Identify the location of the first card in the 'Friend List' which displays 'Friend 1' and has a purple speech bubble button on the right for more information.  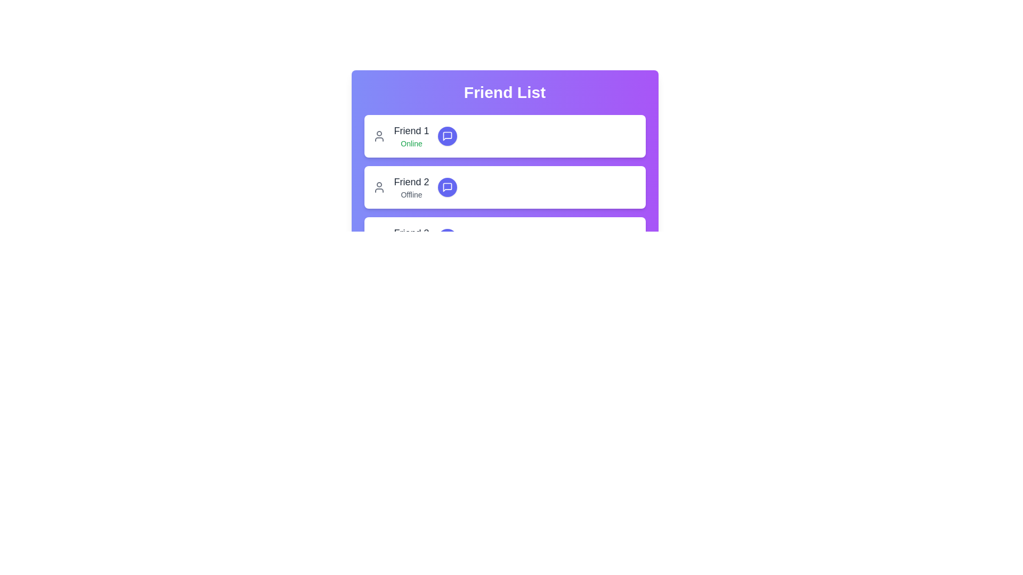
(504, 135).